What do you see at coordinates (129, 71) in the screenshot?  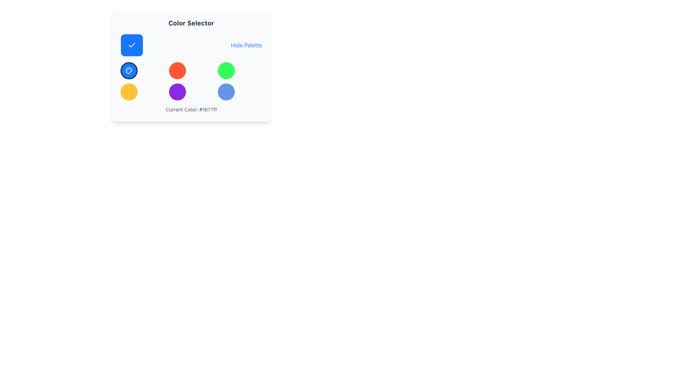 I see `the circular blue button with a black border and a white palette icon, located` at bounding box center [129, 71].